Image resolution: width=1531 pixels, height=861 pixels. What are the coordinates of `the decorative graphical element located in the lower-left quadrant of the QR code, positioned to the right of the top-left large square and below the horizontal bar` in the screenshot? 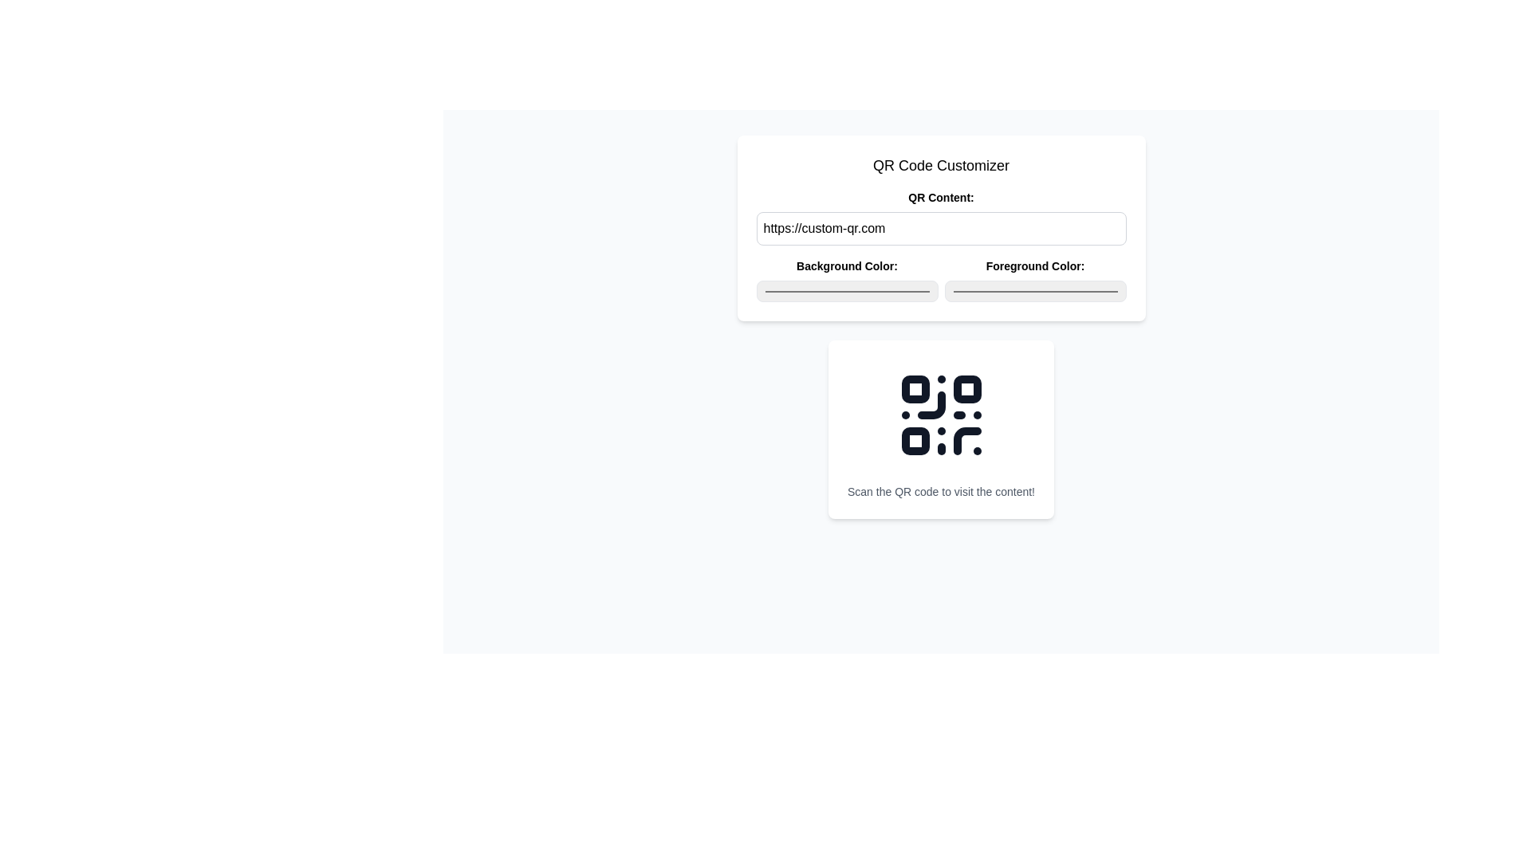 It's located at (931, 404).